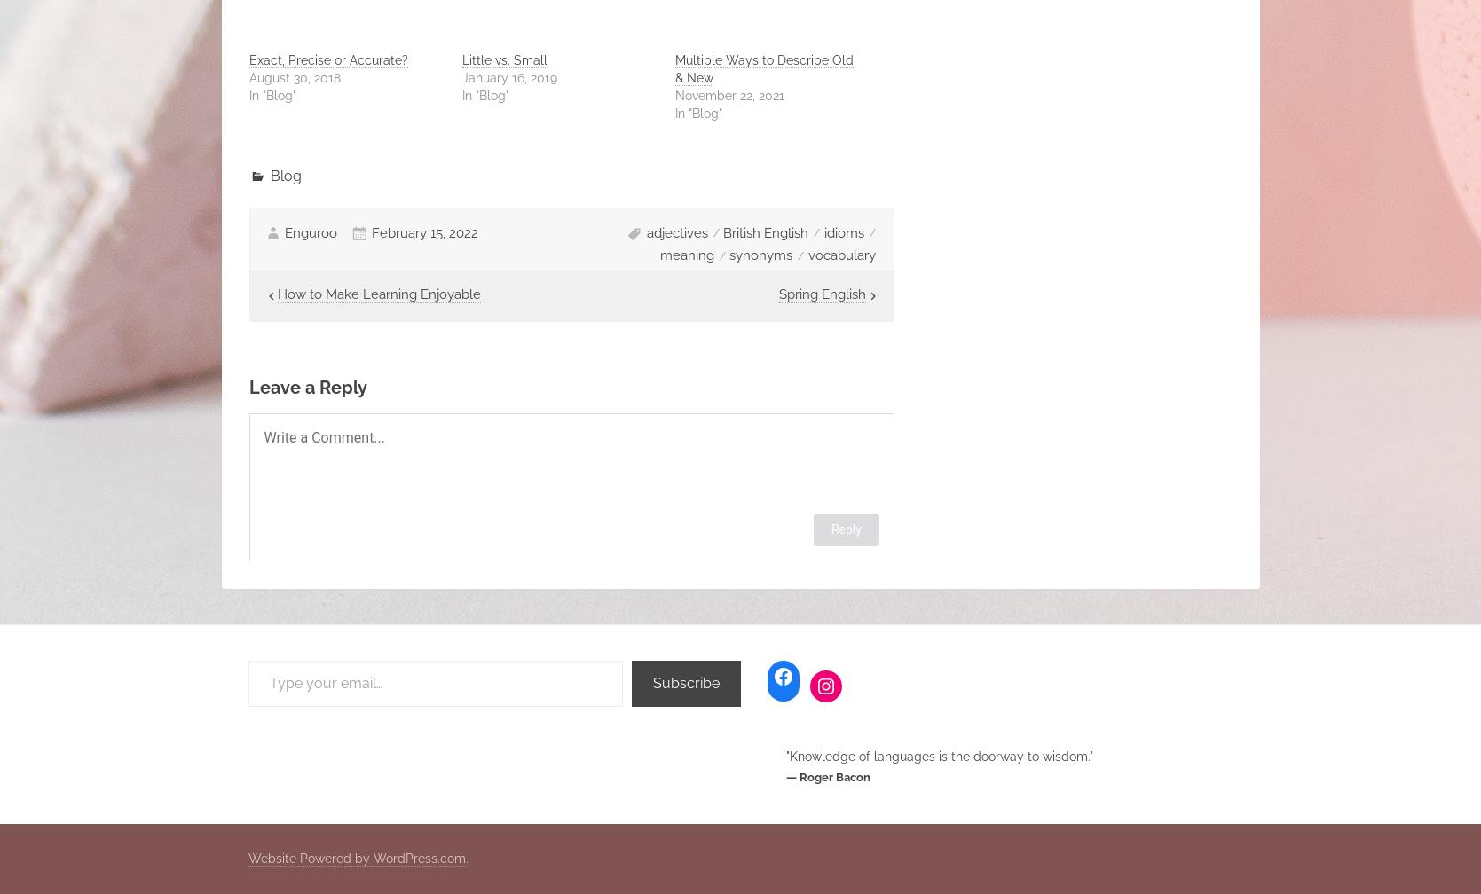  What do you see at coordinates (937, 756) in the screenshot?
I see `'"Knowledge of languages is the doorway to wisdom."'` at bounding box center [937, 756].